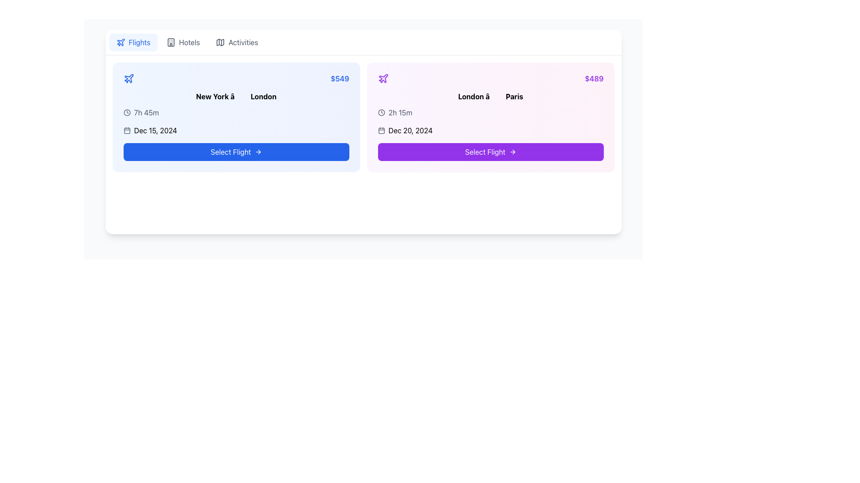 This screenshot has width=860, height=483. I want to click on the background rectangle of the calendar icon, which serves as its main structural element, so click(126, 131).